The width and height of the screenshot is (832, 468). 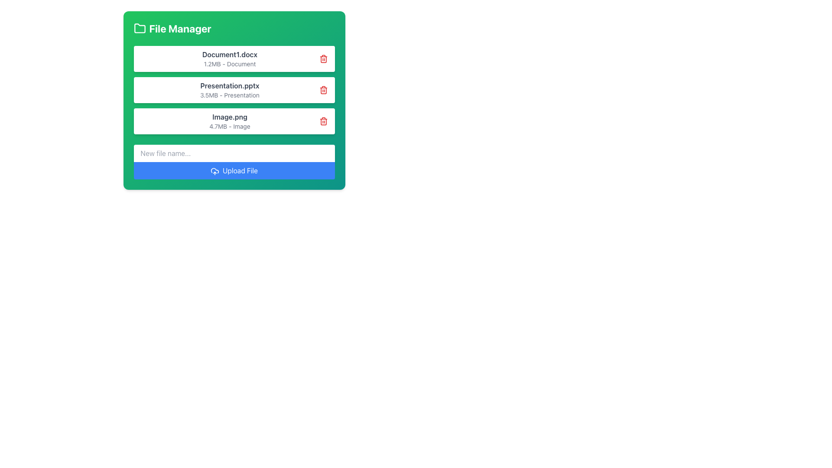 What do you see at coordinates (230, 63) in the screenshot?
I see `the informational text label displaying file metadata ('1.2MB' and 'Document') located directly below the filename 'Document1.docx' in the first file entry` at bounding box center [230, 63].